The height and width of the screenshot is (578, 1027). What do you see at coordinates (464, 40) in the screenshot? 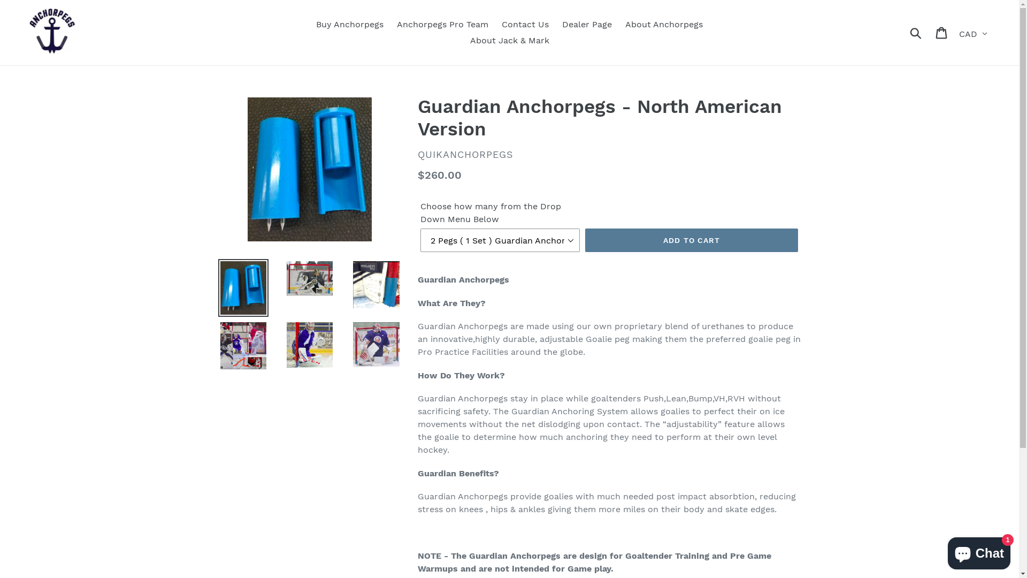
I see `'About Jack & Mark'` at bounding box center [464, 40].